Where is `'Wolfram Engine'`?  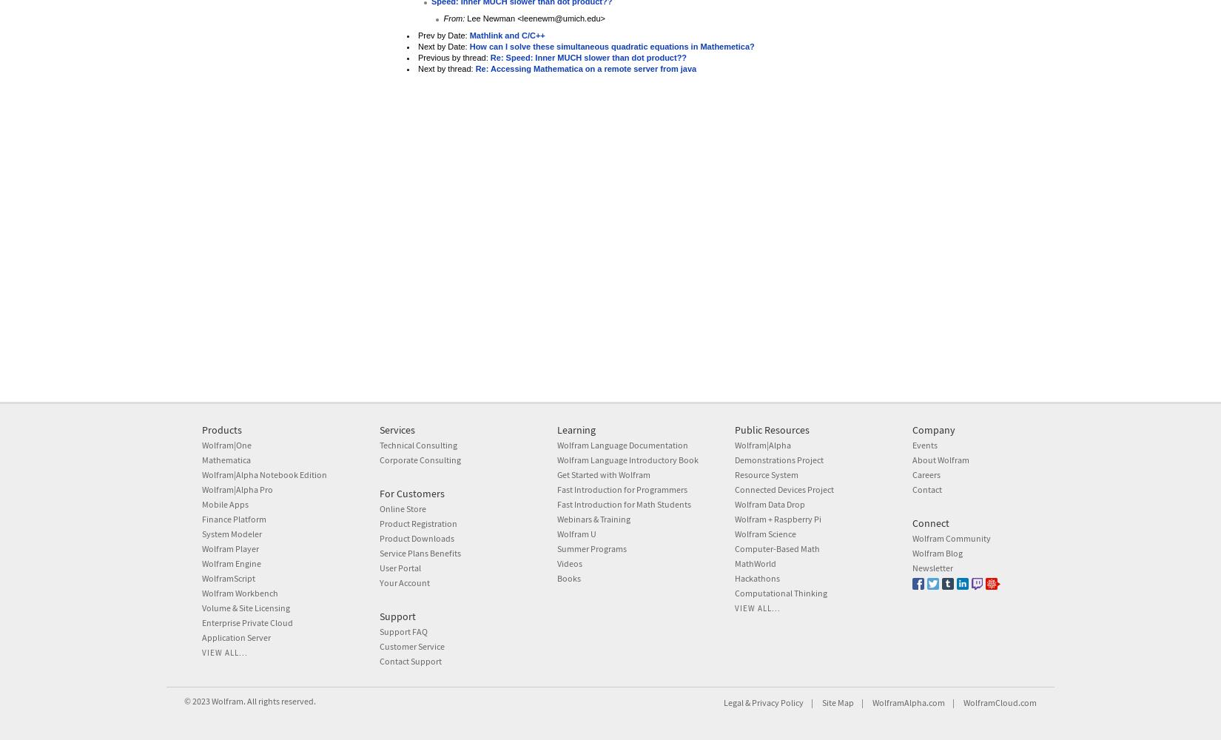
'Wolfram Engine' is located at coordinates (232, 562).